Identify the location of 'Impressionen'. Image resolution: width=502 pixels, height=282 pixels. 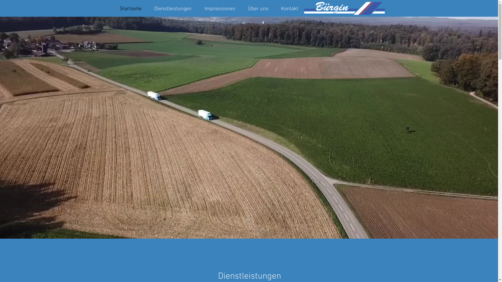
(220, 8).